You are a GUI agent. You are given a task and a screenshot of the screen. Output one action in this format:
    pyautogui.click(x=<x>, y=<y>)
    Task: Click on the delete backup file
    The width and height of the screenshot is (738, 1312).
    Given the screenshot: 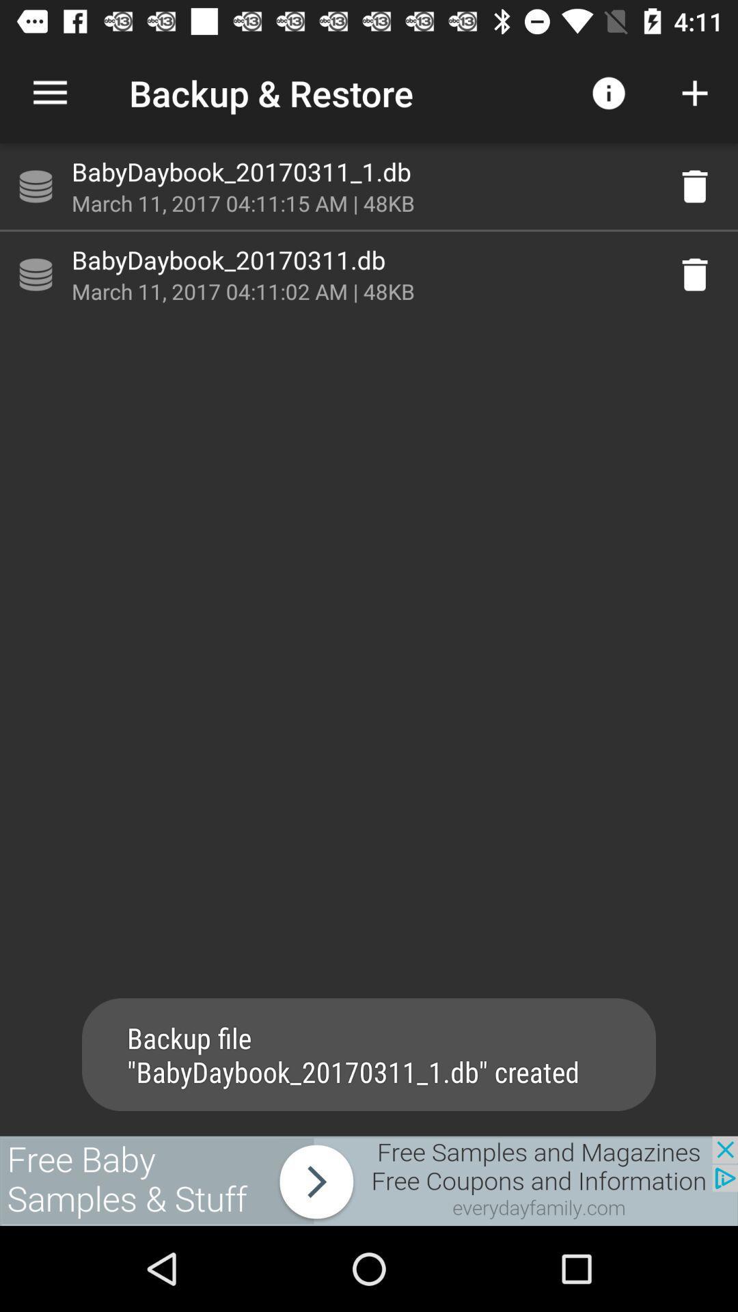 What is the action you would take?
    pyautogui.click(x=695, y=186)
    